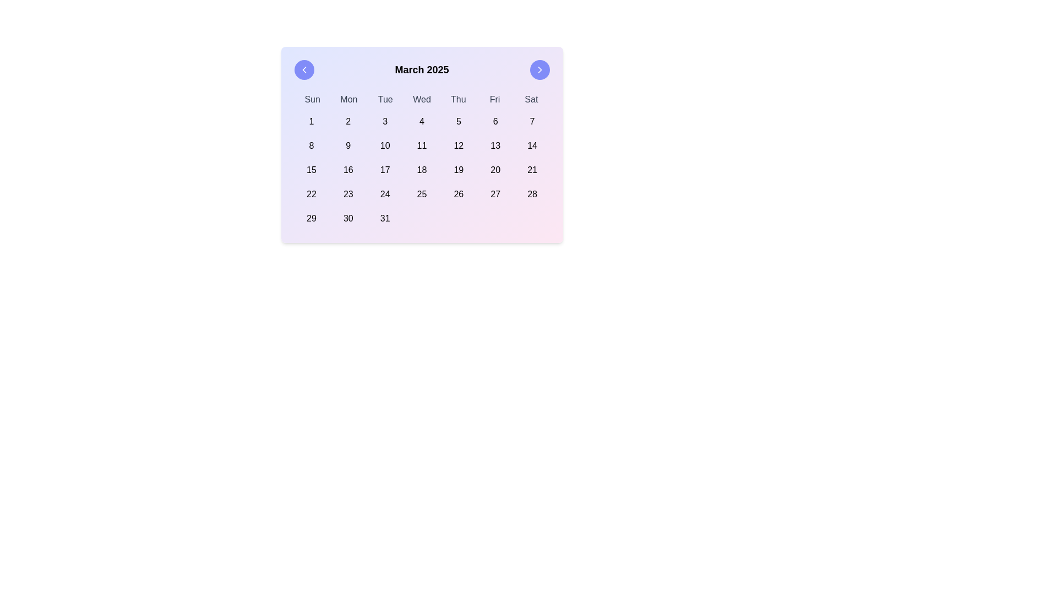 The width and height of the screenshot is (1057, 595). Describe the element at coordinates (540, 70) in the screenshot. I see `the circular blue button with a white rightward chevron icon located in the top right corner of the calendar interface` at that location.